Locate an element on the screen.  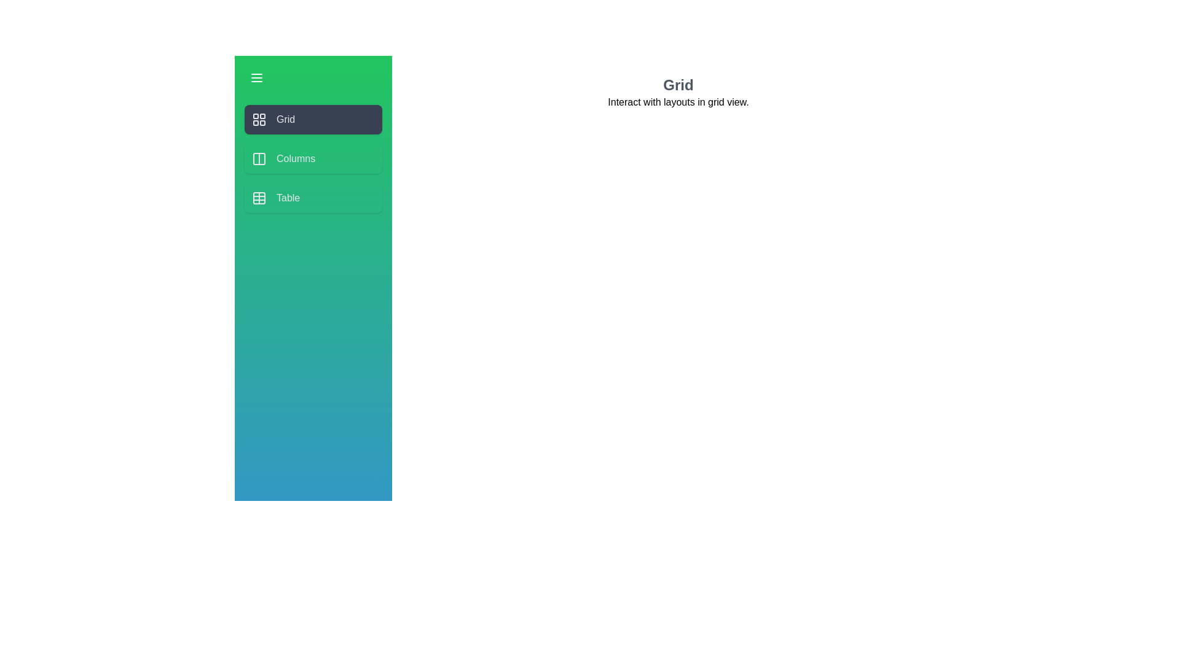
the menu button to toggle the drawer is located at coordinates (256, 78).